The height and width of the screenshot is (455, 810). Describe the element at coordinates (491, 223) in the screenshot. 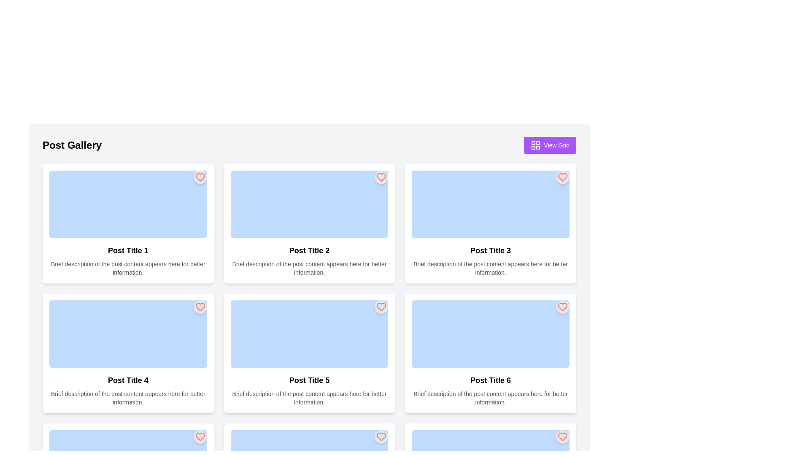

I see `the Card component in the top-right section of the grid layout, which features a white background, a light blue image placeholder, and the title 'Post Title 3'` at that location.